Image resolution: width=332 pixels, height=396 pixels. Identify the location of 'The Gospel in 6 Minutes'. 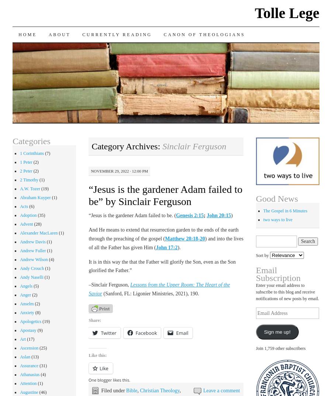
(285, 211).